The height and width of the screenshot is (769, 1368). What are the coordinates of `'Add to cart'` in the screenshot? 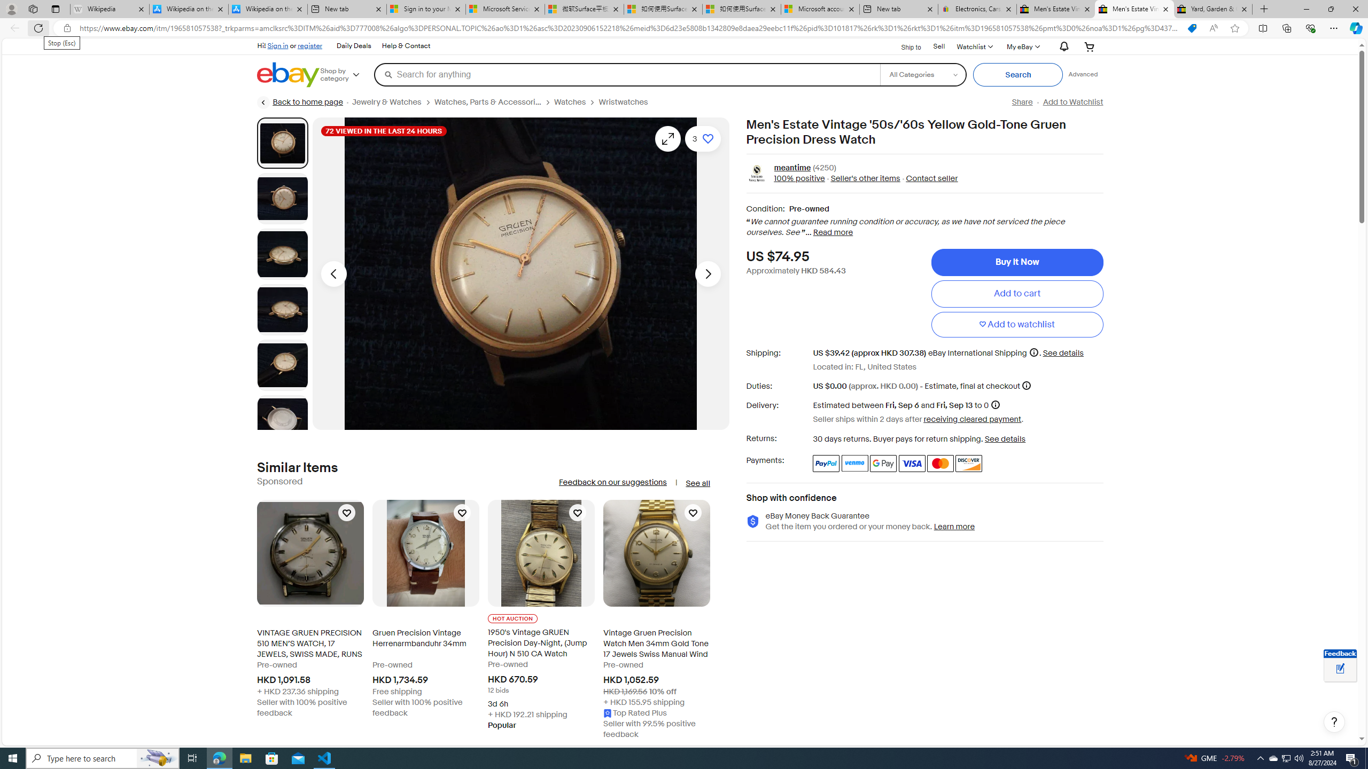 It's located at (1017, 293).